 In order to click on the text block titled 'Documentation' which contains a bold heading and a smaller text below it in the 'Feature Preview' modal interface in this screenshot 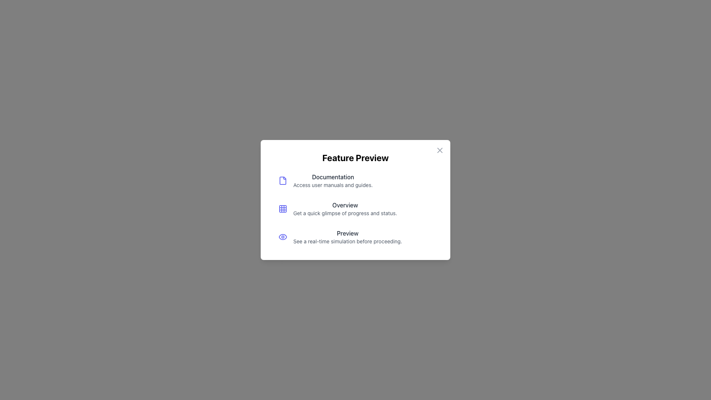, I will do `click(333, 181)`.